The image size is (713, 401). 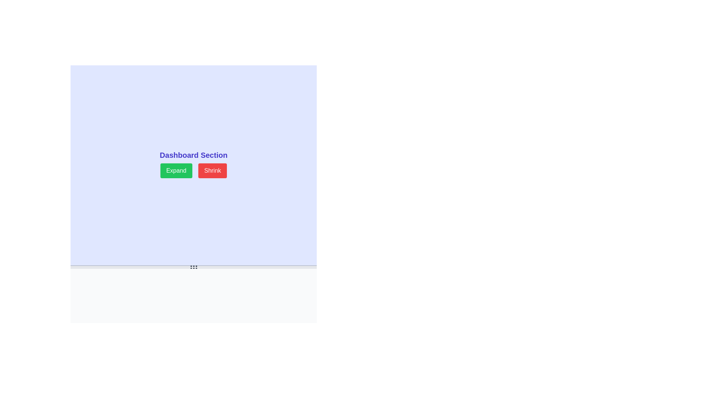 What do you see at coordinates (176, 170) in the screenshot?
I see `the 'Expand' button with white text on a green background, located under the 'Dashboard Section' heading` at bounding box center [176, 170].